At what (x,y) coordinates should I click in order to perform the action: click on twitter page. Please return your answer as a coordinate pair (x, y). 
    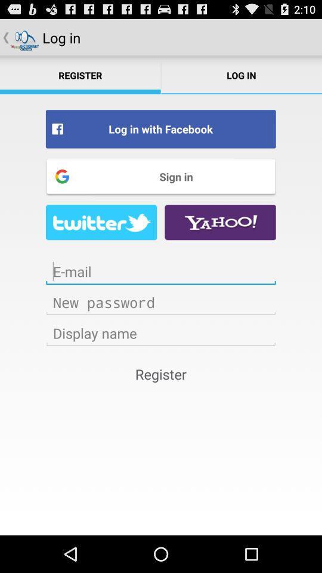
    Looking at the image, I should click on (101, 221).